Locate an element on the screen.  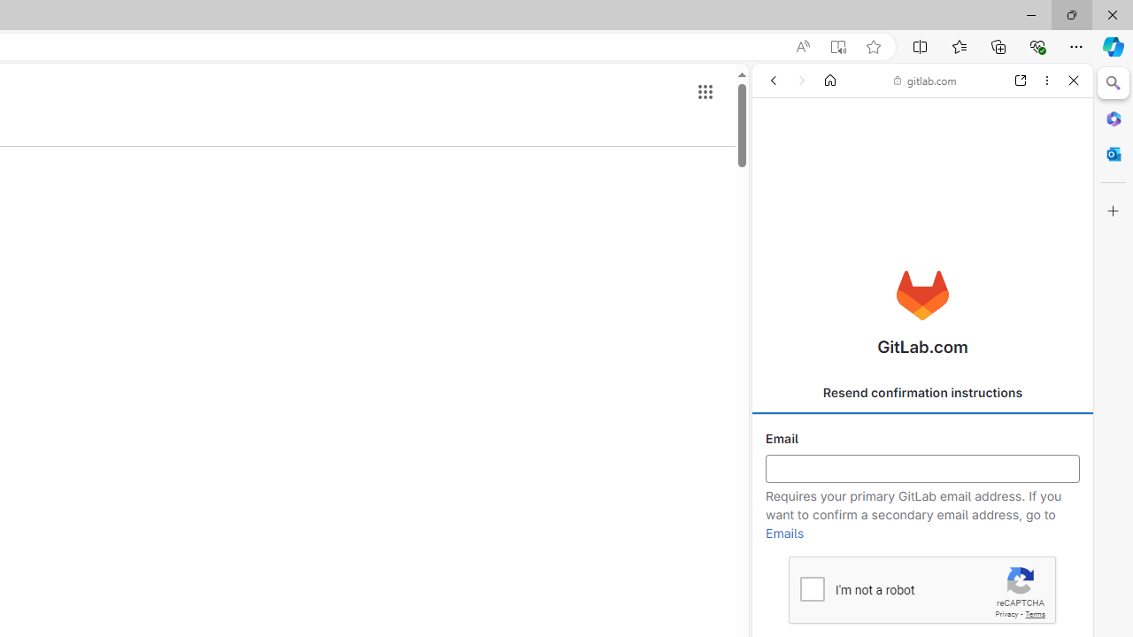
'About GitLab' is located at coordinates (921, 524).